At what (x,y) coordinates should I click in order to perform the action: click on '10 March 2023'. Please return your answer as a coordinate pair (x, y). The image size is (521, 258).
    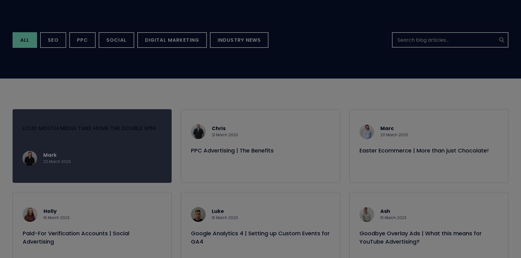
    Looking at the image, I should click on (393, 225).